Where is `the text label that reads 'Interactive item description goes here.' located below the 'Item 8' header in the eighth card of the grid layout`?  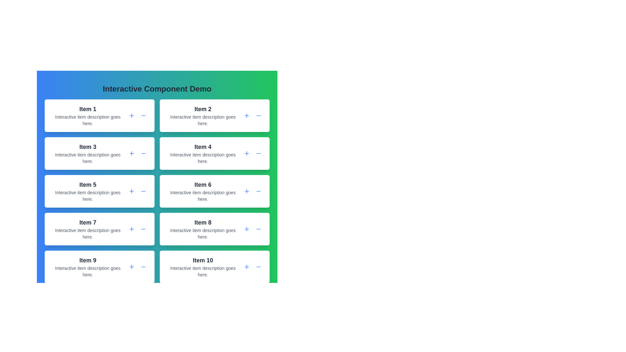 the text label that reads 'Interactive item description goes here.' located below the 'Item 8' header in the eighth card of the grid layout is located at coordinates (202, 233).